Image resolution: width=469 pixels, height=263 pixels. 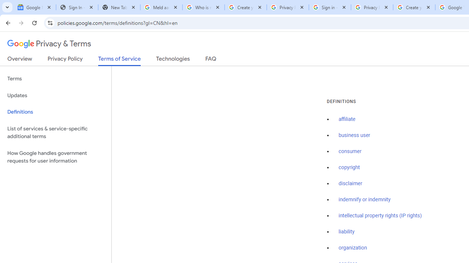 I want to click on 'Google News', so click(x=34, y=7).